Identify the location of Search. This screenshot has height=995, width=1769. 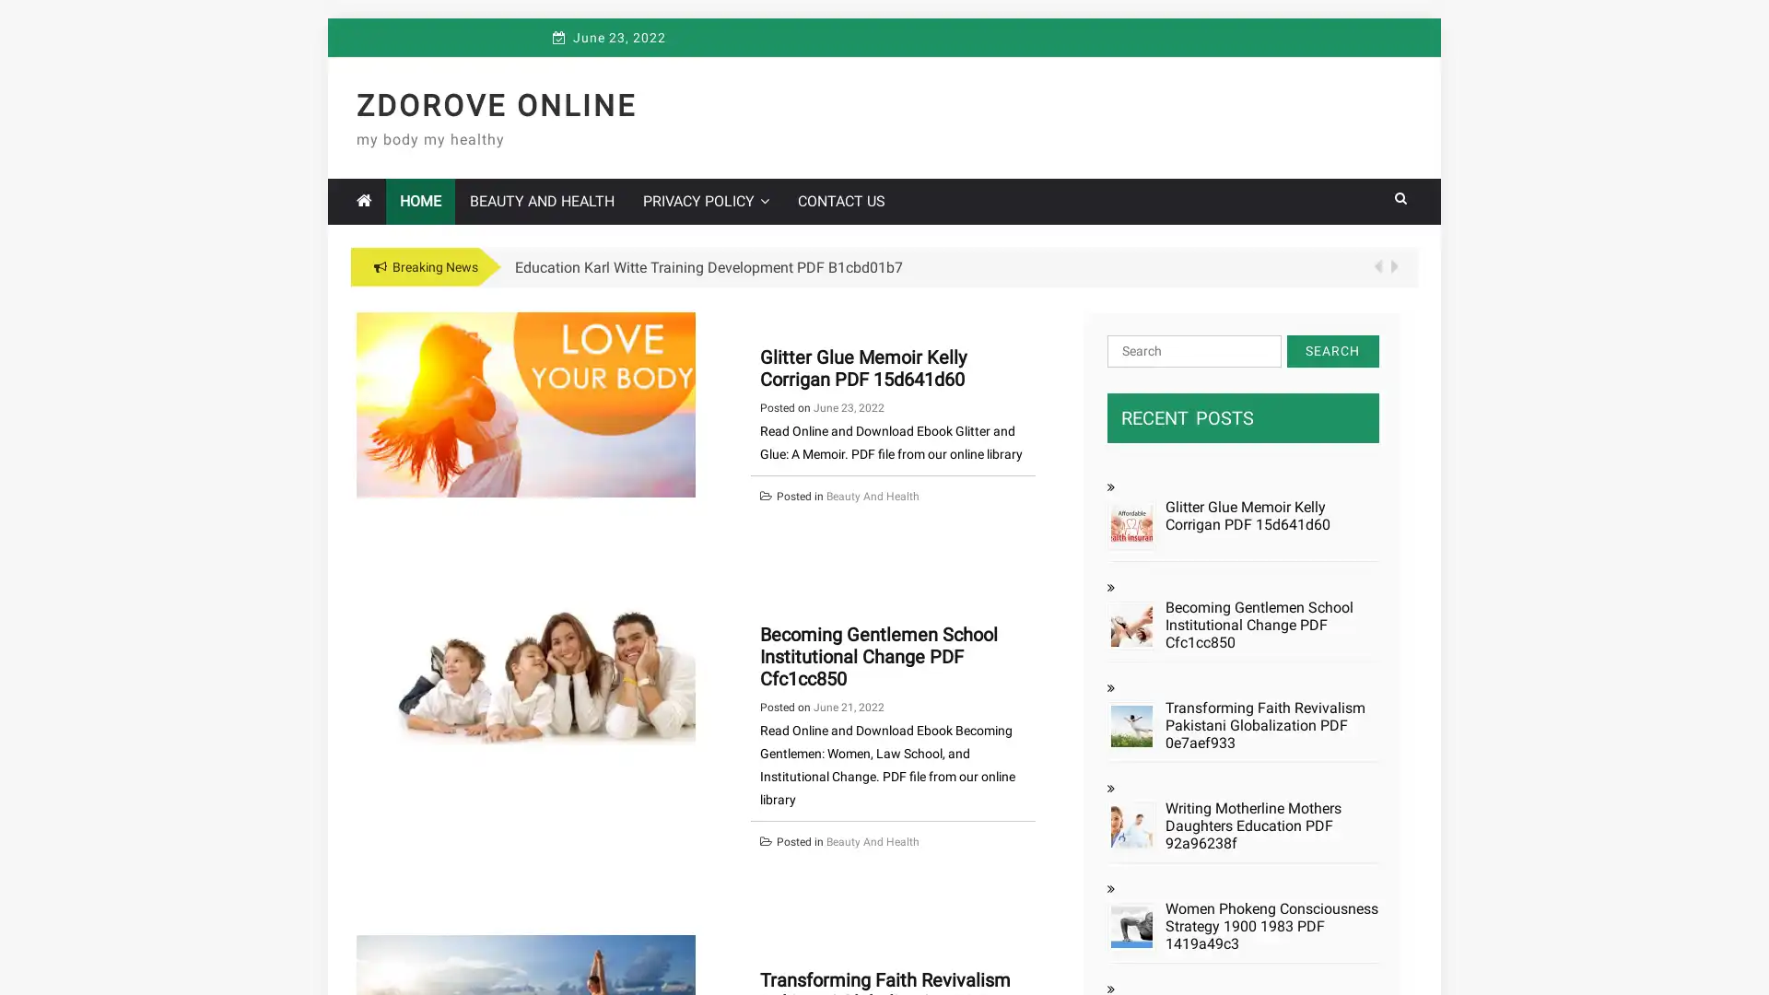
(1331, 350).